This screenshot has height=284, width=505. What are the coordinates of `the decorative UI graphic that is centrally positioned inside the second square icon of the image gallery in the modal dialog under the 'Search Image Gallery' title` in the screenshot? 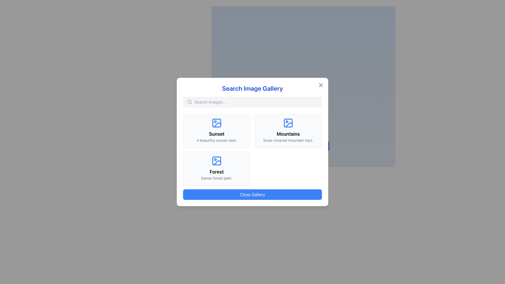 It's located at (288, 123).